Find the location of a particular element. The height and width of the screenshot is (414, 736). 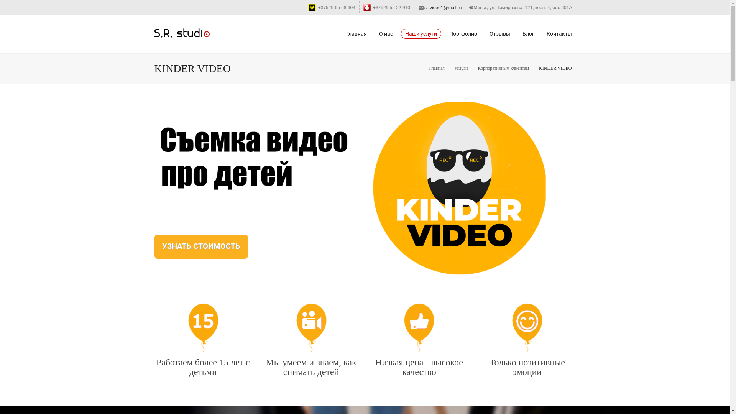

'KINDER VIDEO' is located at coordinates (555, 67).